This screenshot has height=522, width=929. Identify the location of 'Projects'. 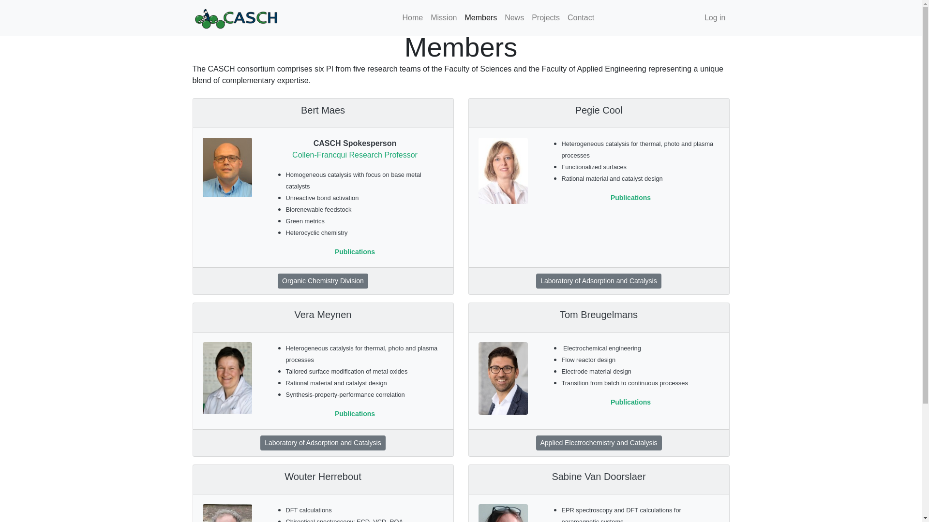
(527, 18).